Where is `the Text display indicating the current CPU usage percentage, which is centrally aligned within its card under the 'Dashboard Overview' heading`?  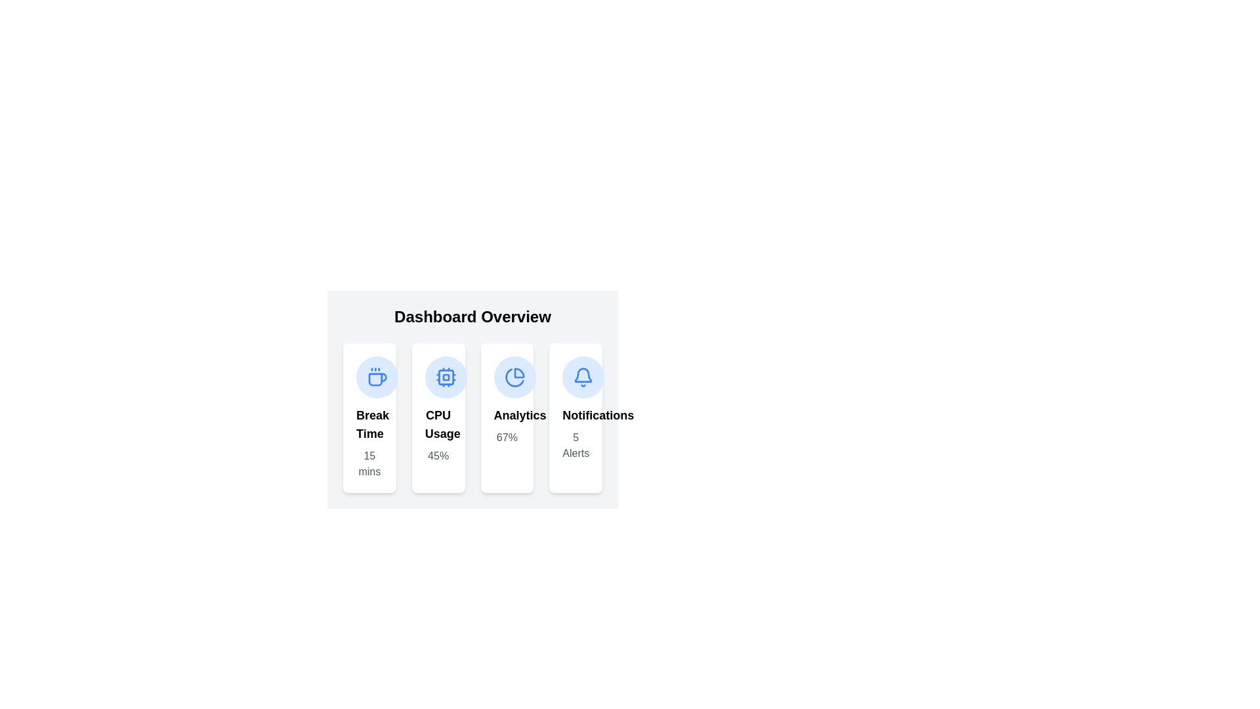
the Text display indicating the current CPU usage percentage, which is centrally aligned within its card under the 'Dashboard Overview' heading is located at coordinates (438, 435).